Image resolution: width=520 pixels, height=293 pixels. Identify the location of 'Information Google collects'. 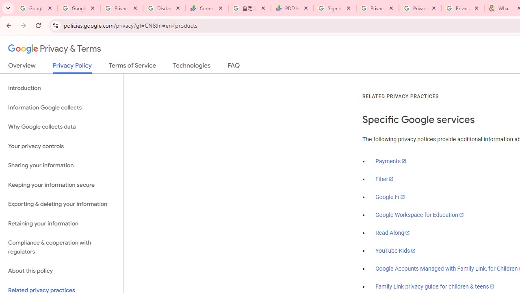
(61, 107).